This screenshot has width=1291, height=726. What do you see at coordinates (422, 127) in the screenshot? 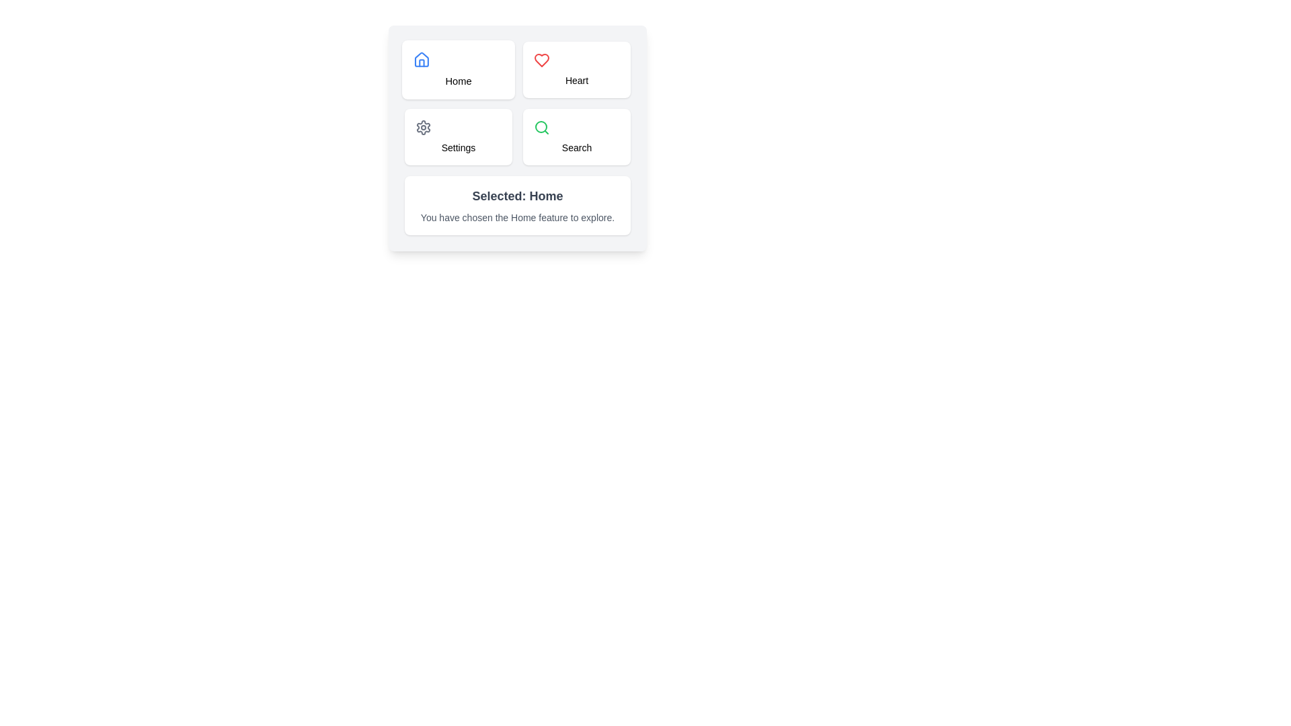
I see `the settings icon, which serves as the visual representation for accessing the settings menu, located in the bottom-left quadrant of the navigation options` at bounding box center [422, 127].